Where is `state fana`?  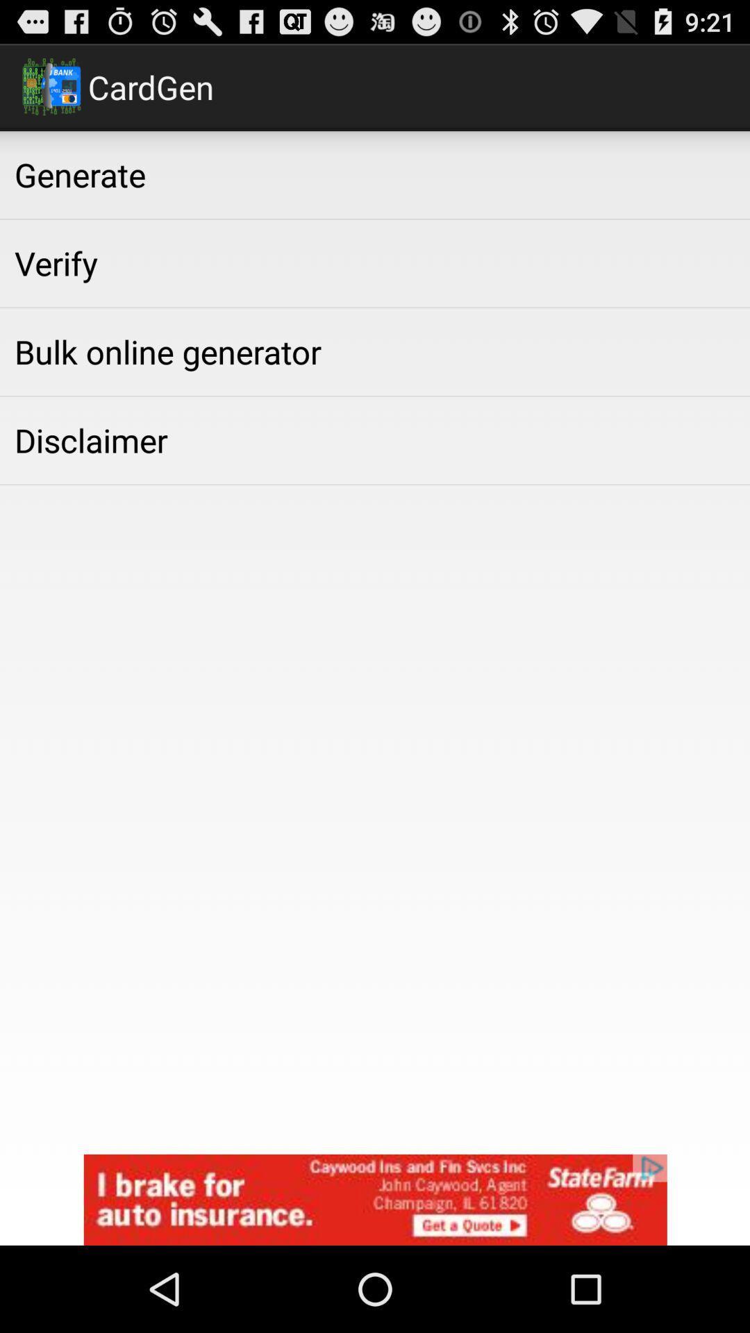
state fana is located at coordinates (375, 1199).